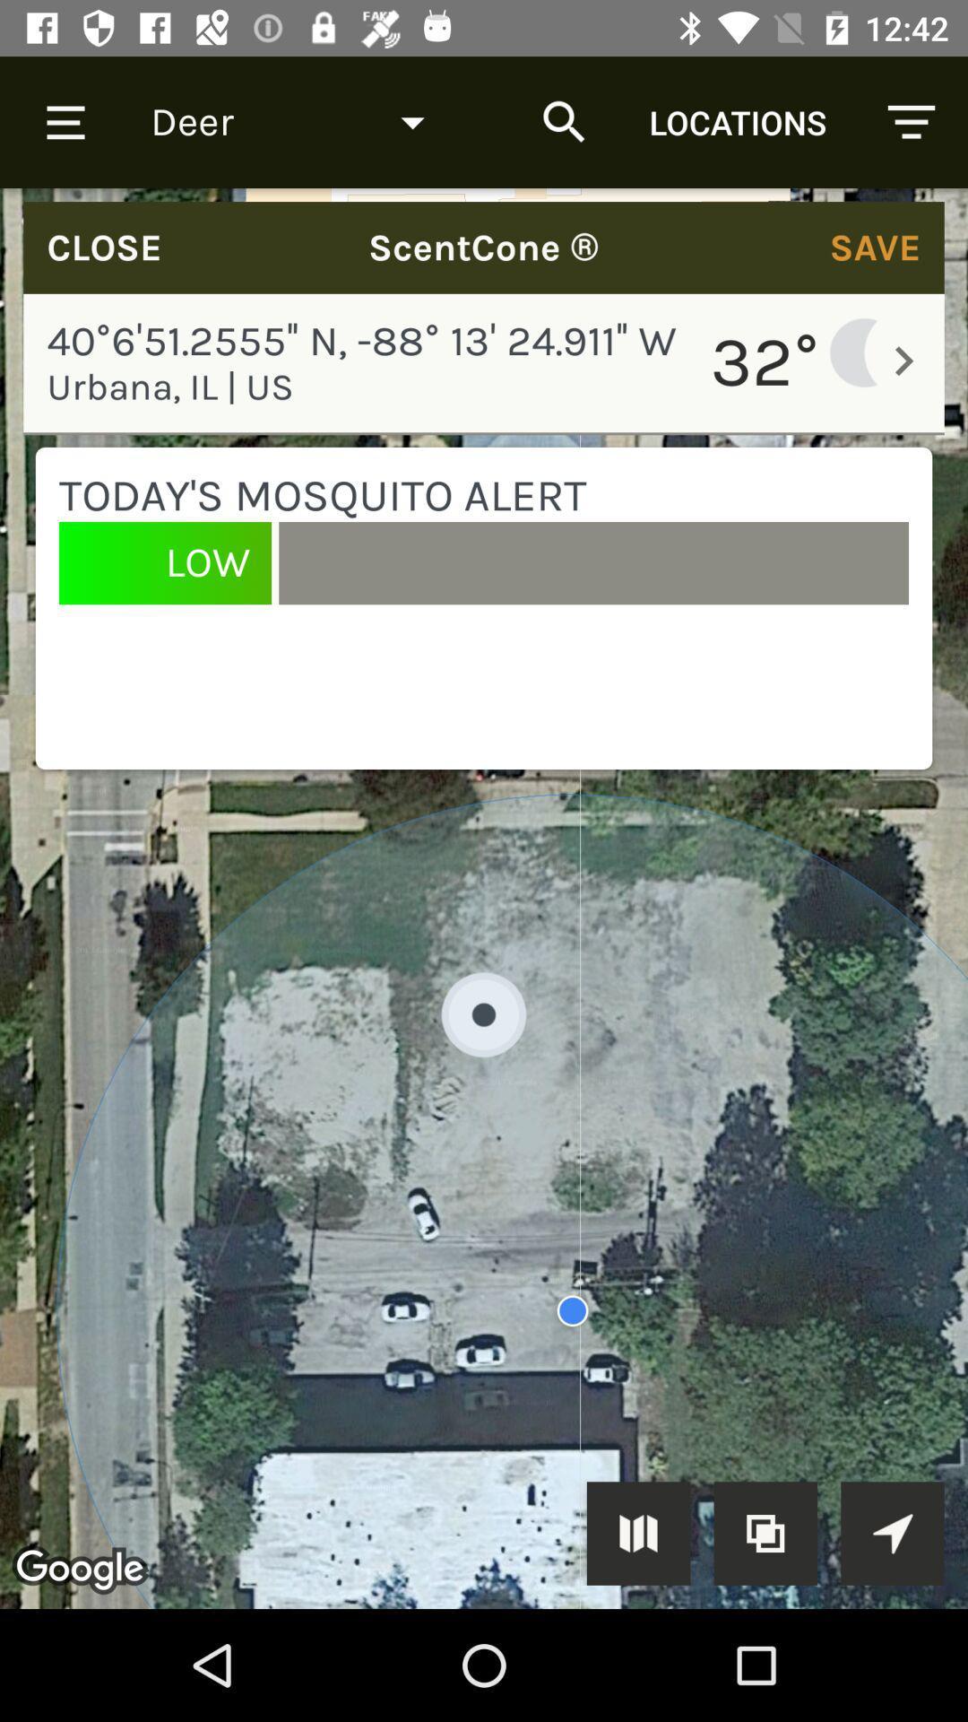 This screenshot has width=968, height=1722. I want to click on the navigation arrow, so click(892, 1532).